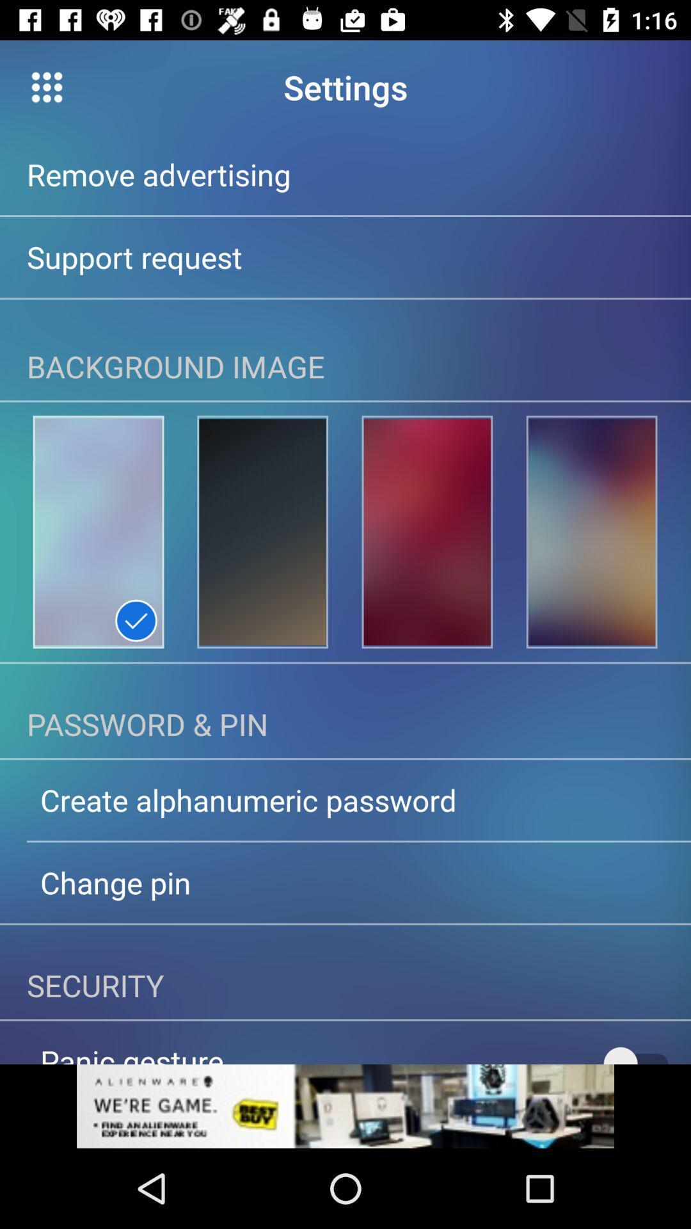 The image size is (691, 1229). What do you see at coordinates (98, 532) in the screenshot?
I see `pale blue and purple background option` at bounding box center [98, 532].